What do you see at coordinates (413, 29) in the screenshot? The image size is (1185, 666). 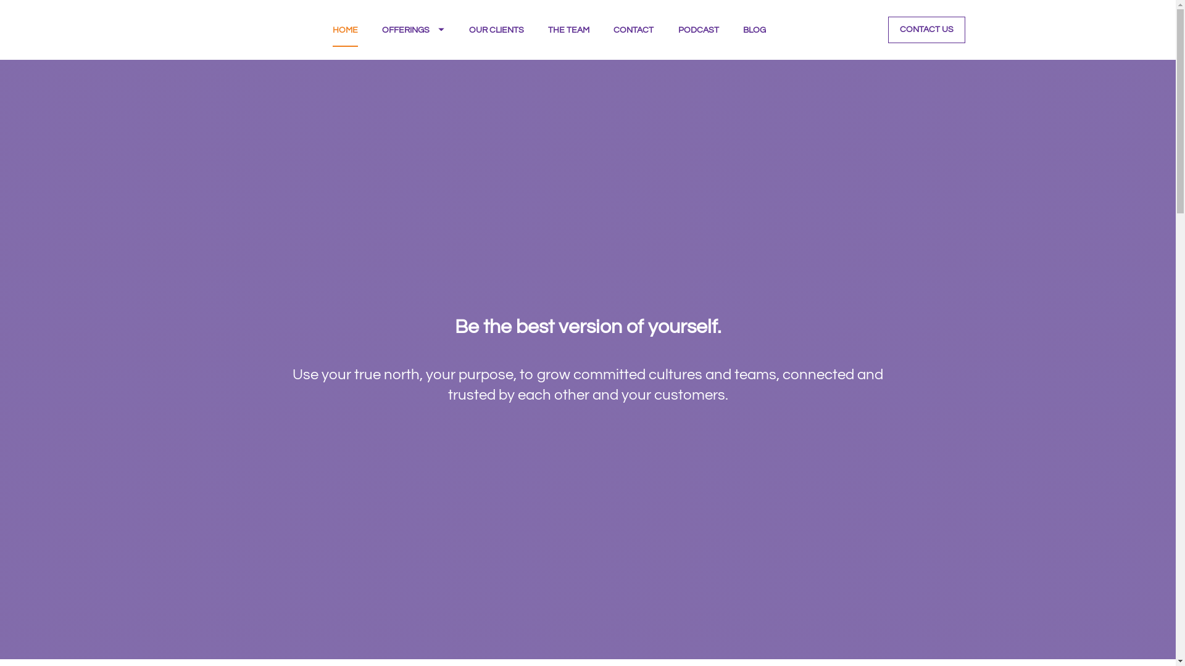 I see `'OFFERINGS'` at bounding box center [413, 29].